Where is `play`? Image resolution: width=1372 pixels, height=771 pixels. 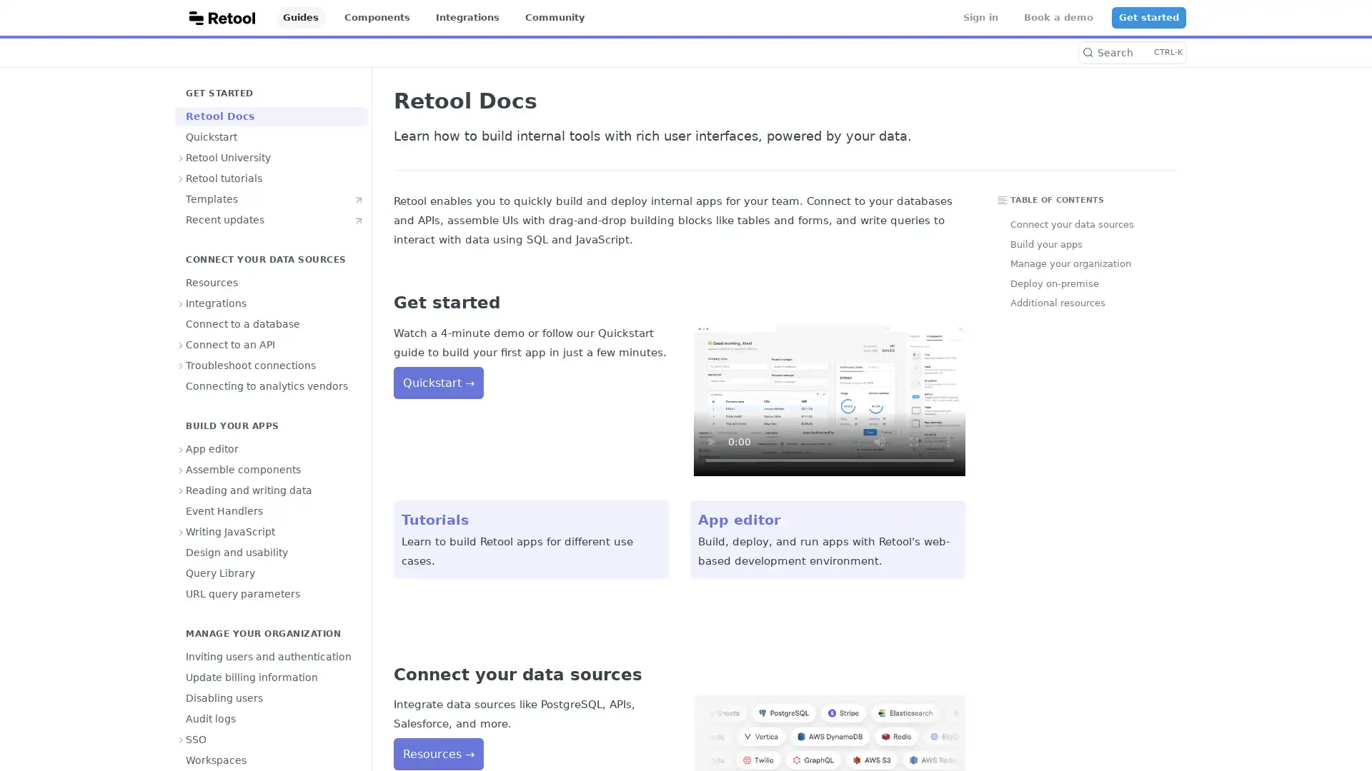 play is located at coordinates (710, 440).